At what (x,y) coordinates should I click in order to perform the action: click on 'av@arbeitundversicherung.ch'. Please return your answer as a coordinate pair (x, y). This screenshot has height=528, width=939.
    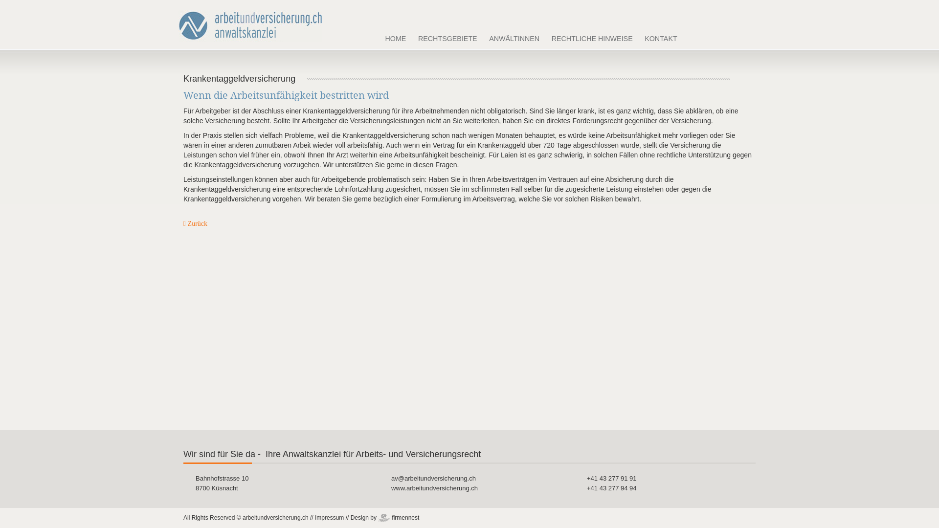
    Looking at the image, I should click on (433, 478).